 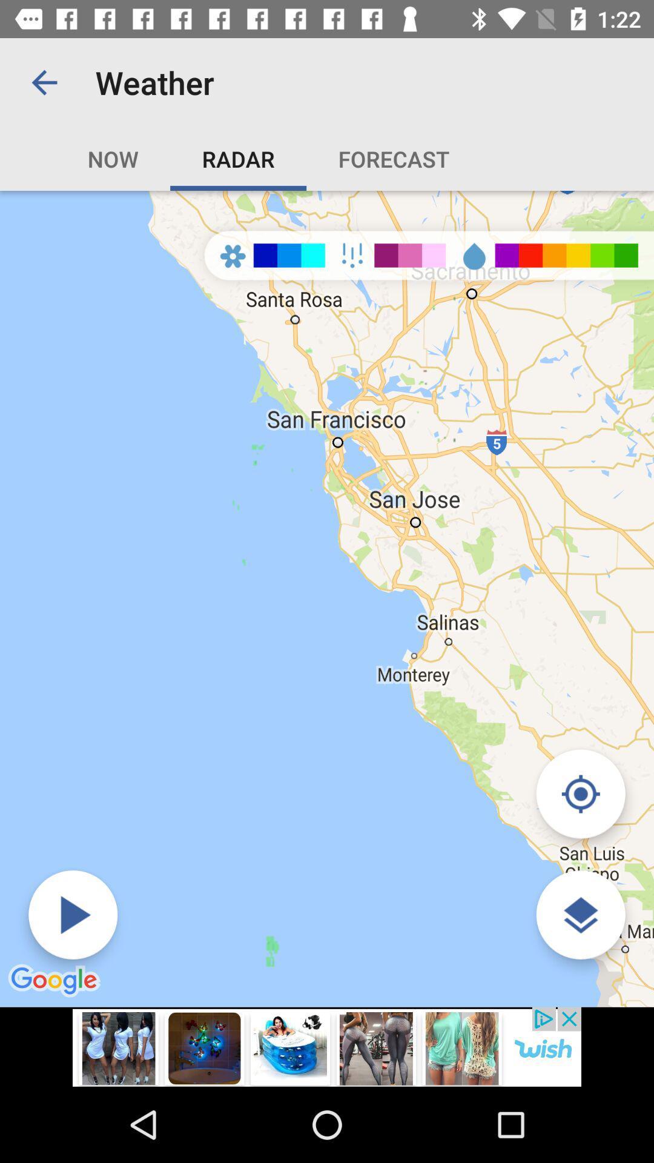 What do you see at coordinates (73, 915) in the screenshot?
I see `the play option in the bottom left corner` at bounding box center [73, 915].